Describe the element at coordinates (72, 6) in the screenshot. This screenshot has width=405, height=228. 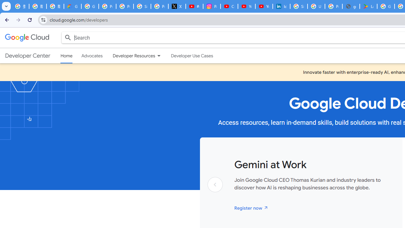
I see `'Google Cloud Privacy Notice'` at that location.